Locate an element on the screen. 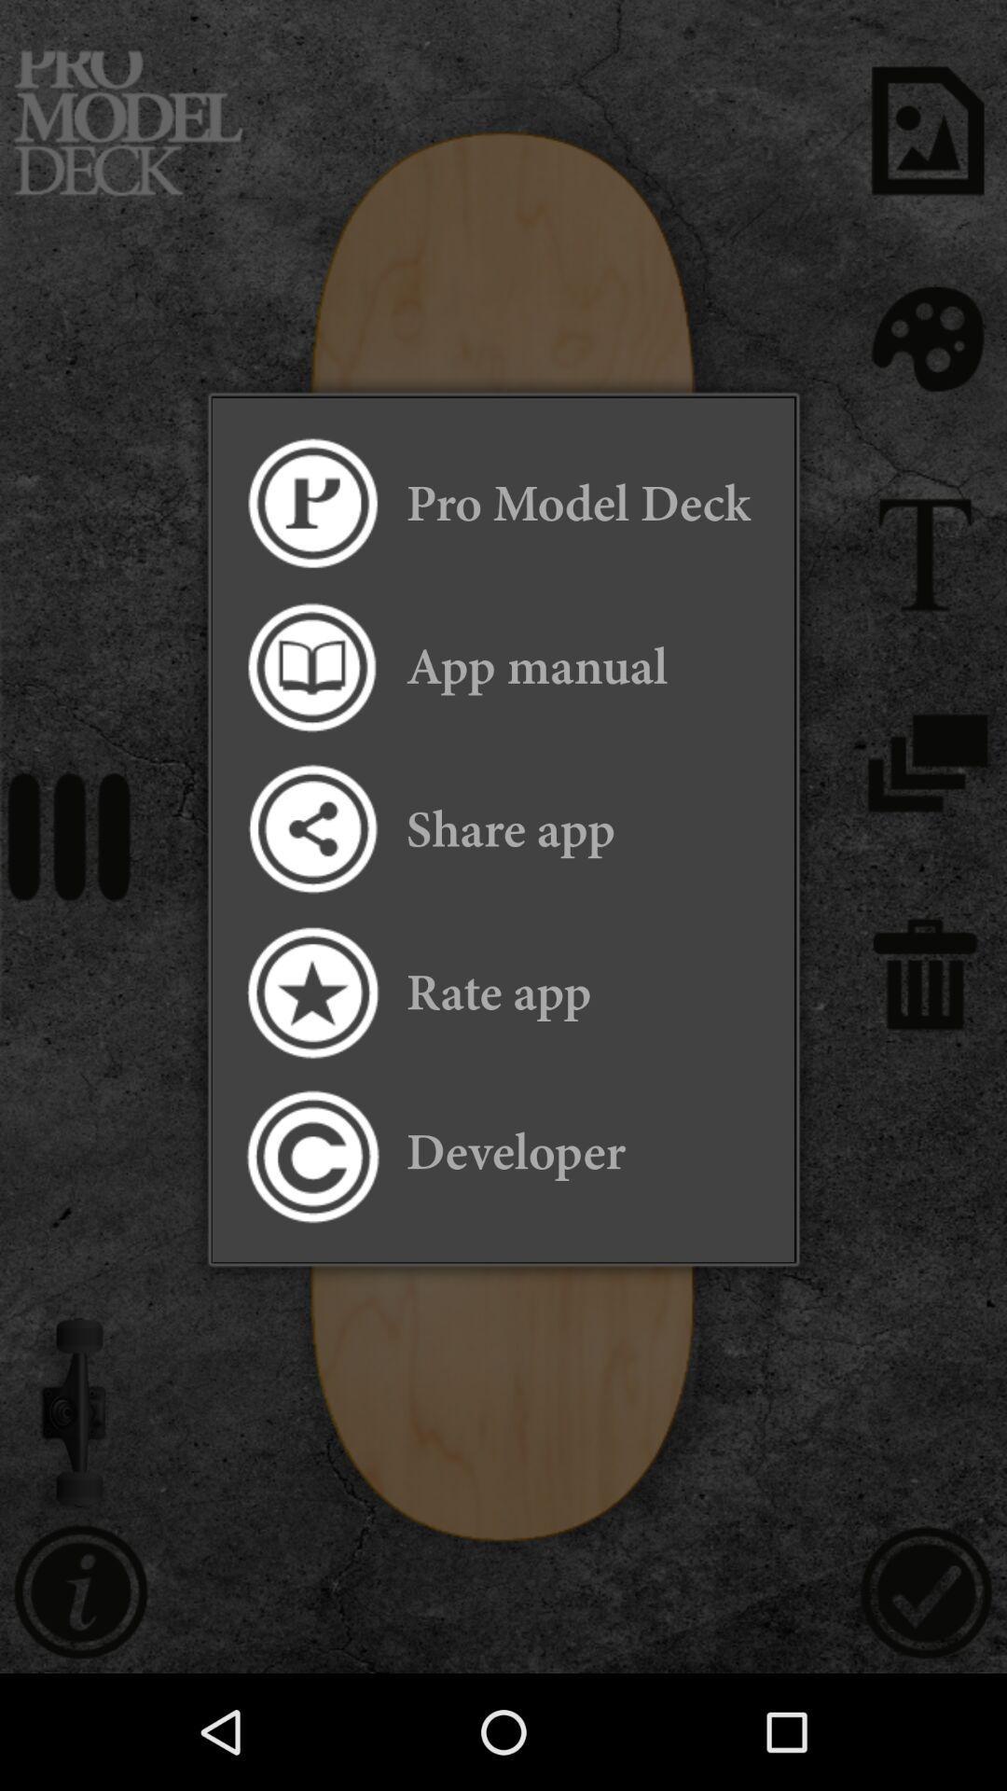 The height and width of the screenshot is (1791, 1007). the icon next to the pro model deck icon is located at coordinates (310, 504).